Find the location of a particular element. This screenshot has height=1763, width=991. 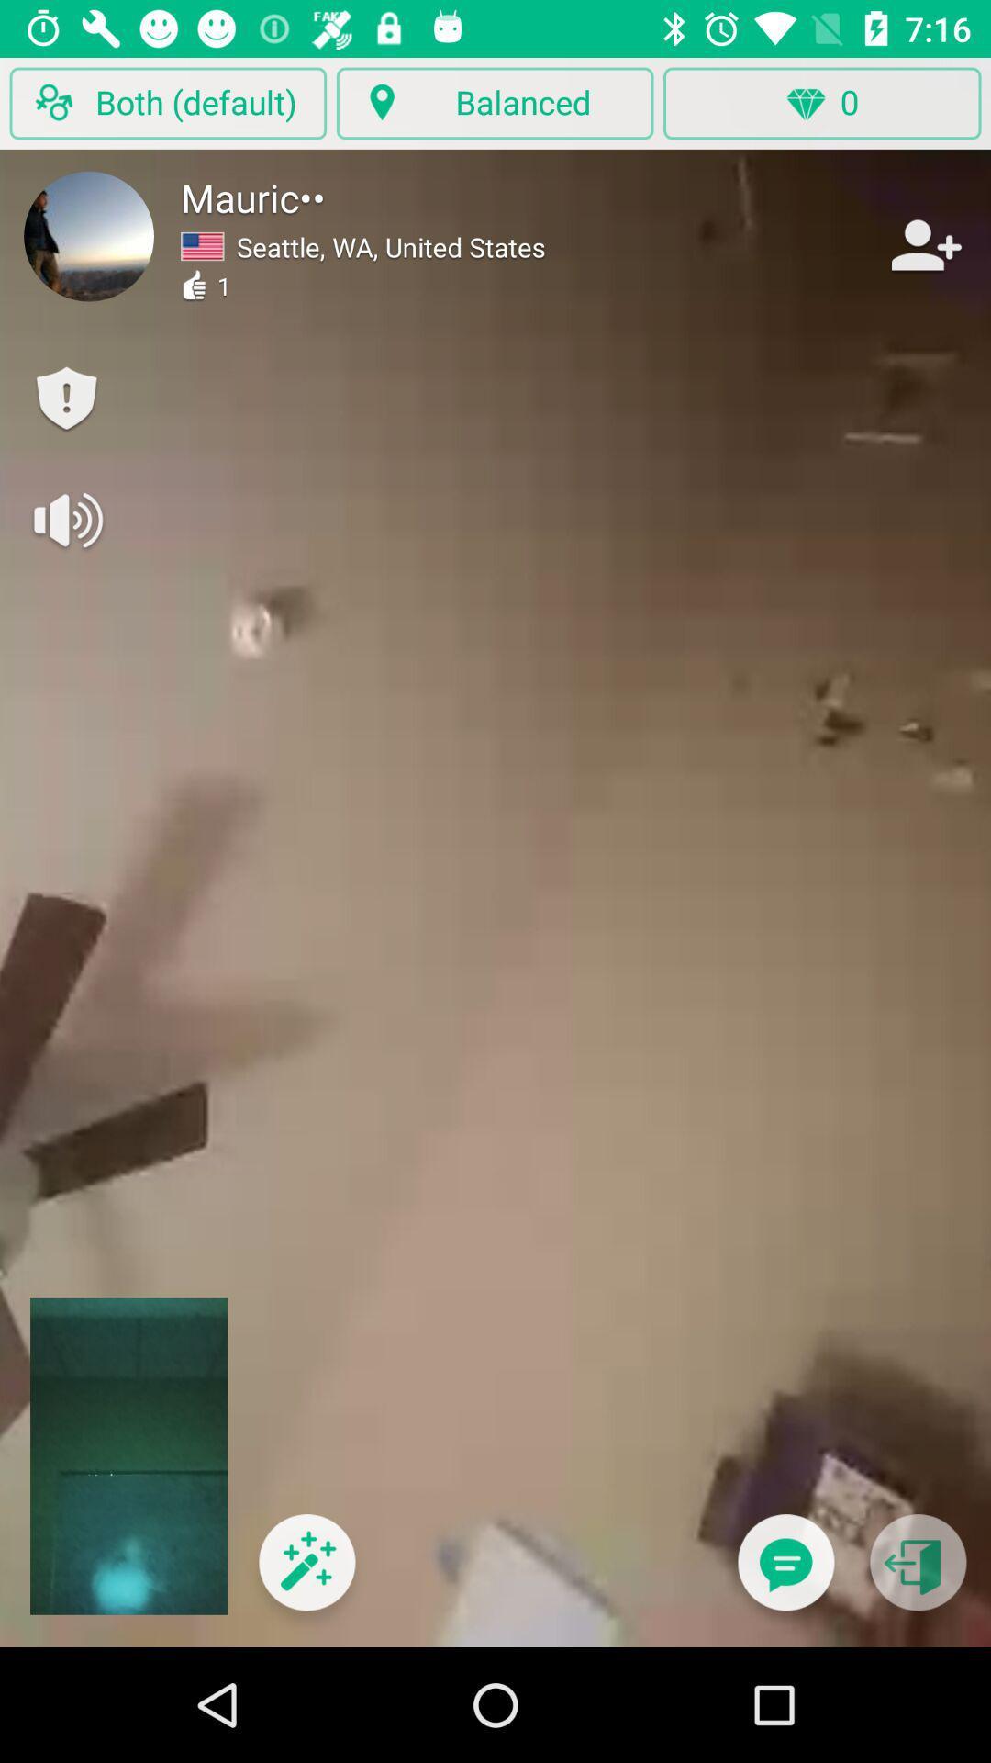

the item below seattle wa united icon is located at coordinates (306, 1573).